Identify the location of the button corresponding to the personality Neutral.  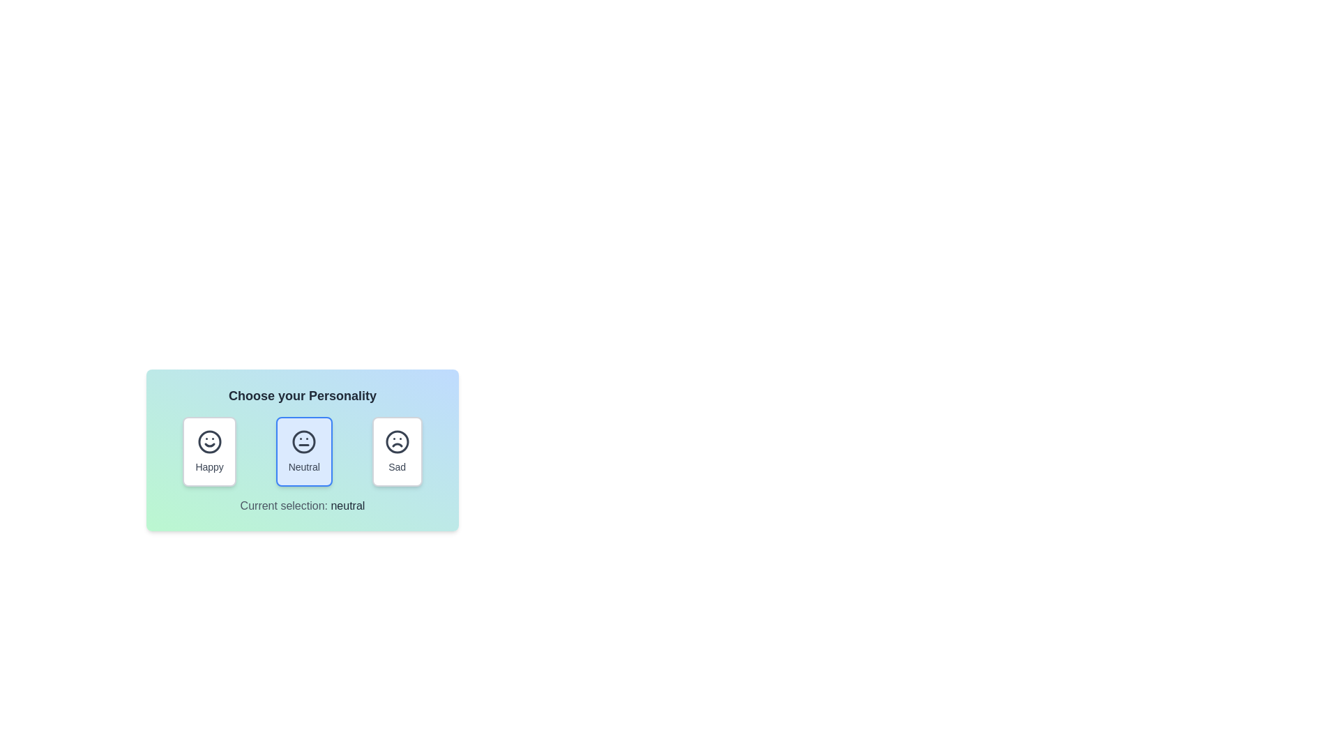
(303, 452).